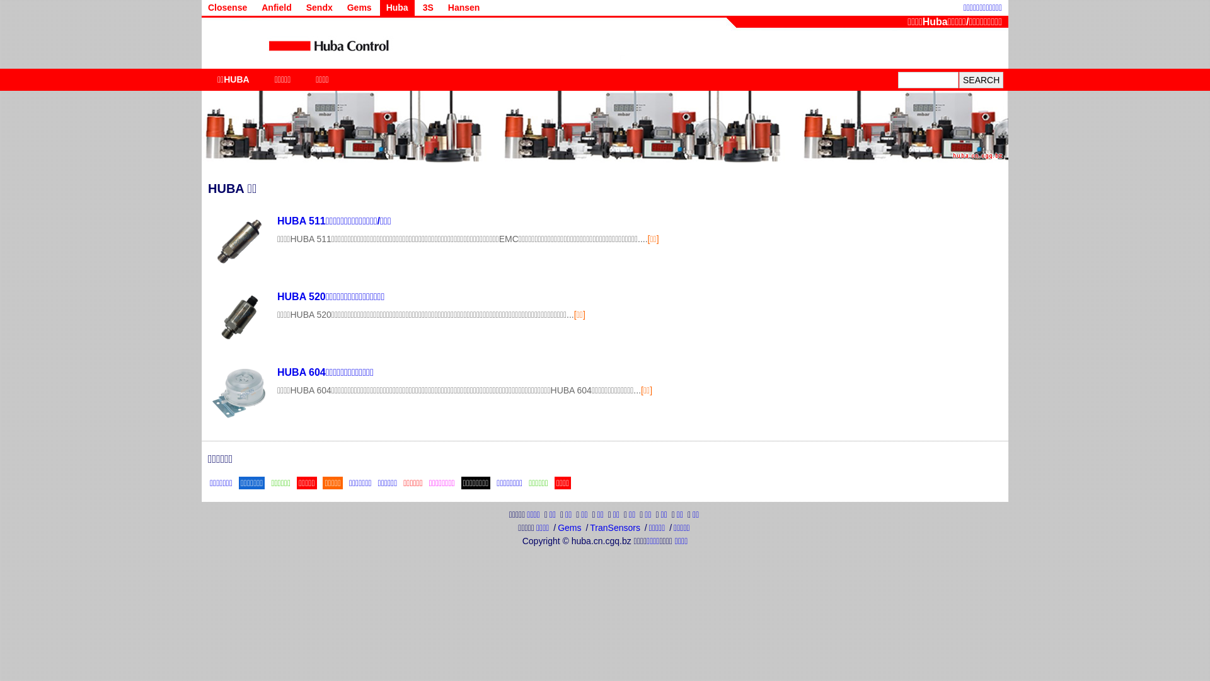 This screenshot has width=1210, height=681. Describe the element at coordinates (359, 8) in the screenshot. I see `'Gems'` at that location.